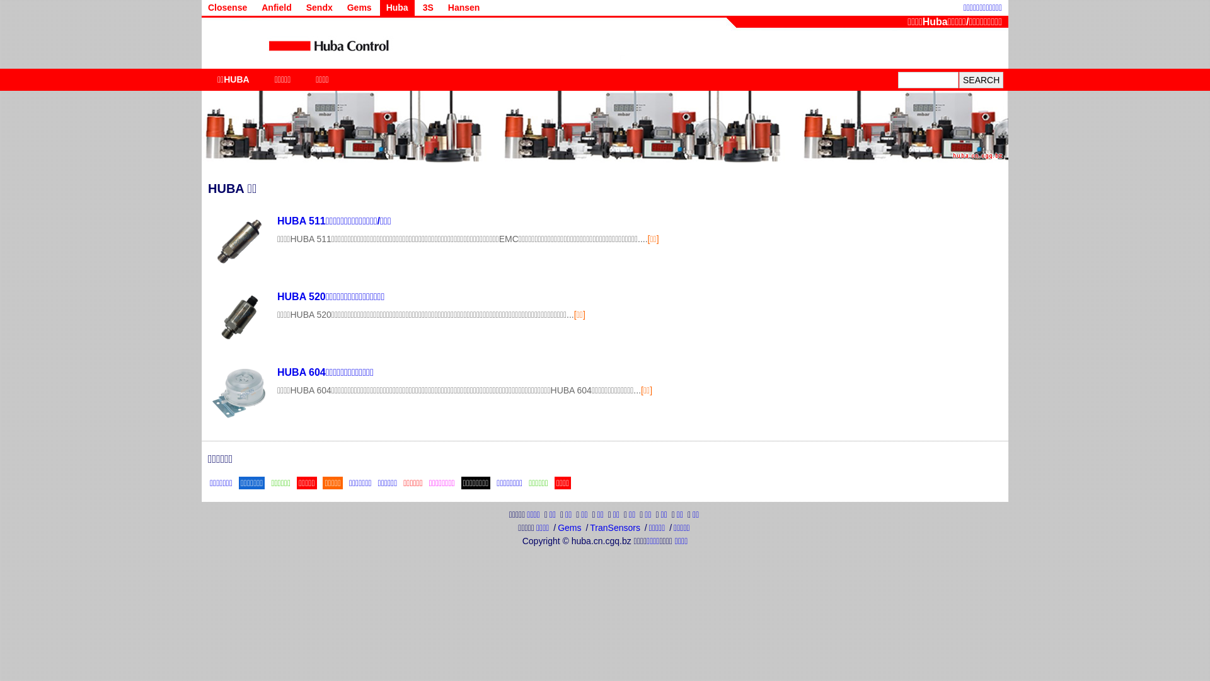 This screenshot has width=1210, height=681. Describe the element at coordinates (359, 8) in the screenshot. I see `'Gems'` at that location.